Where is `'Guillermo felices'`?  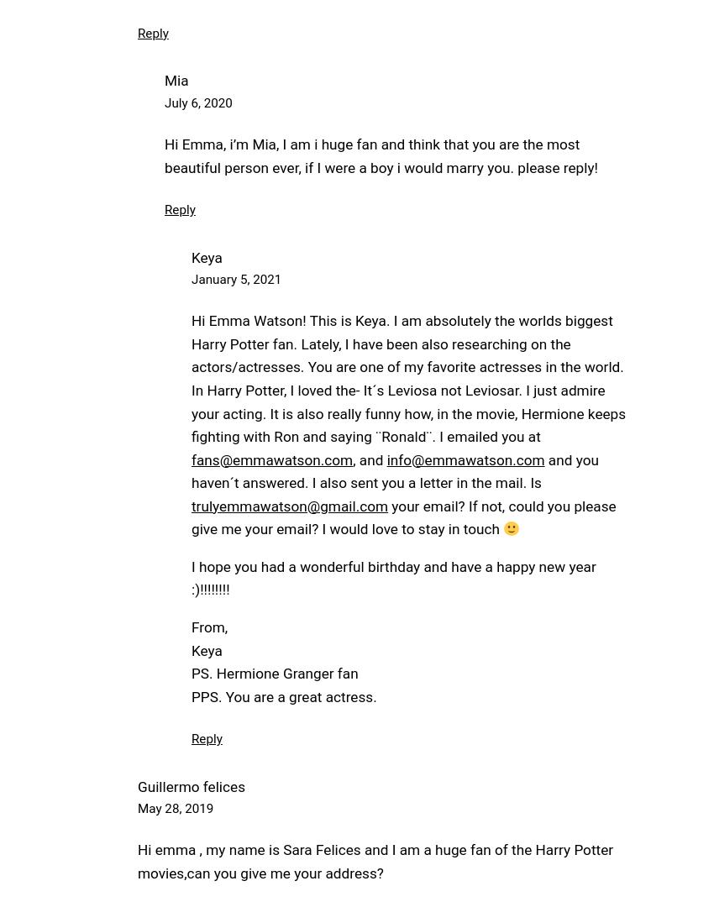
'Guillermo felices' is located at coordinates (191, 785).